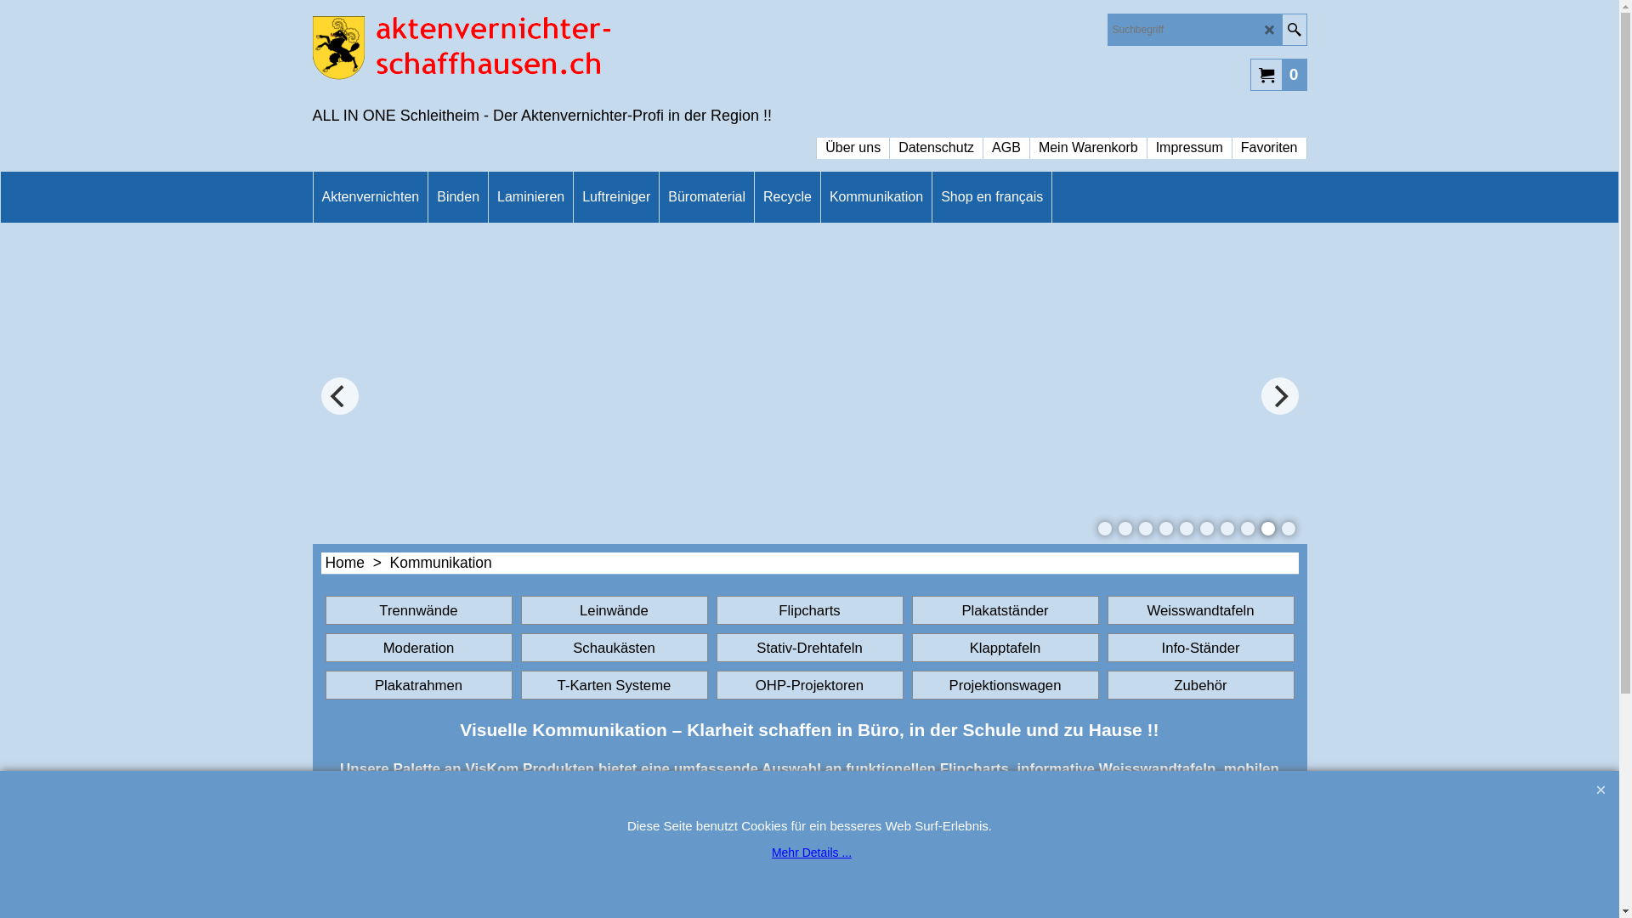  Describe the element at coordinates (1004, 684) in the screenshot. I see `'Projektionswagen'` at that location.